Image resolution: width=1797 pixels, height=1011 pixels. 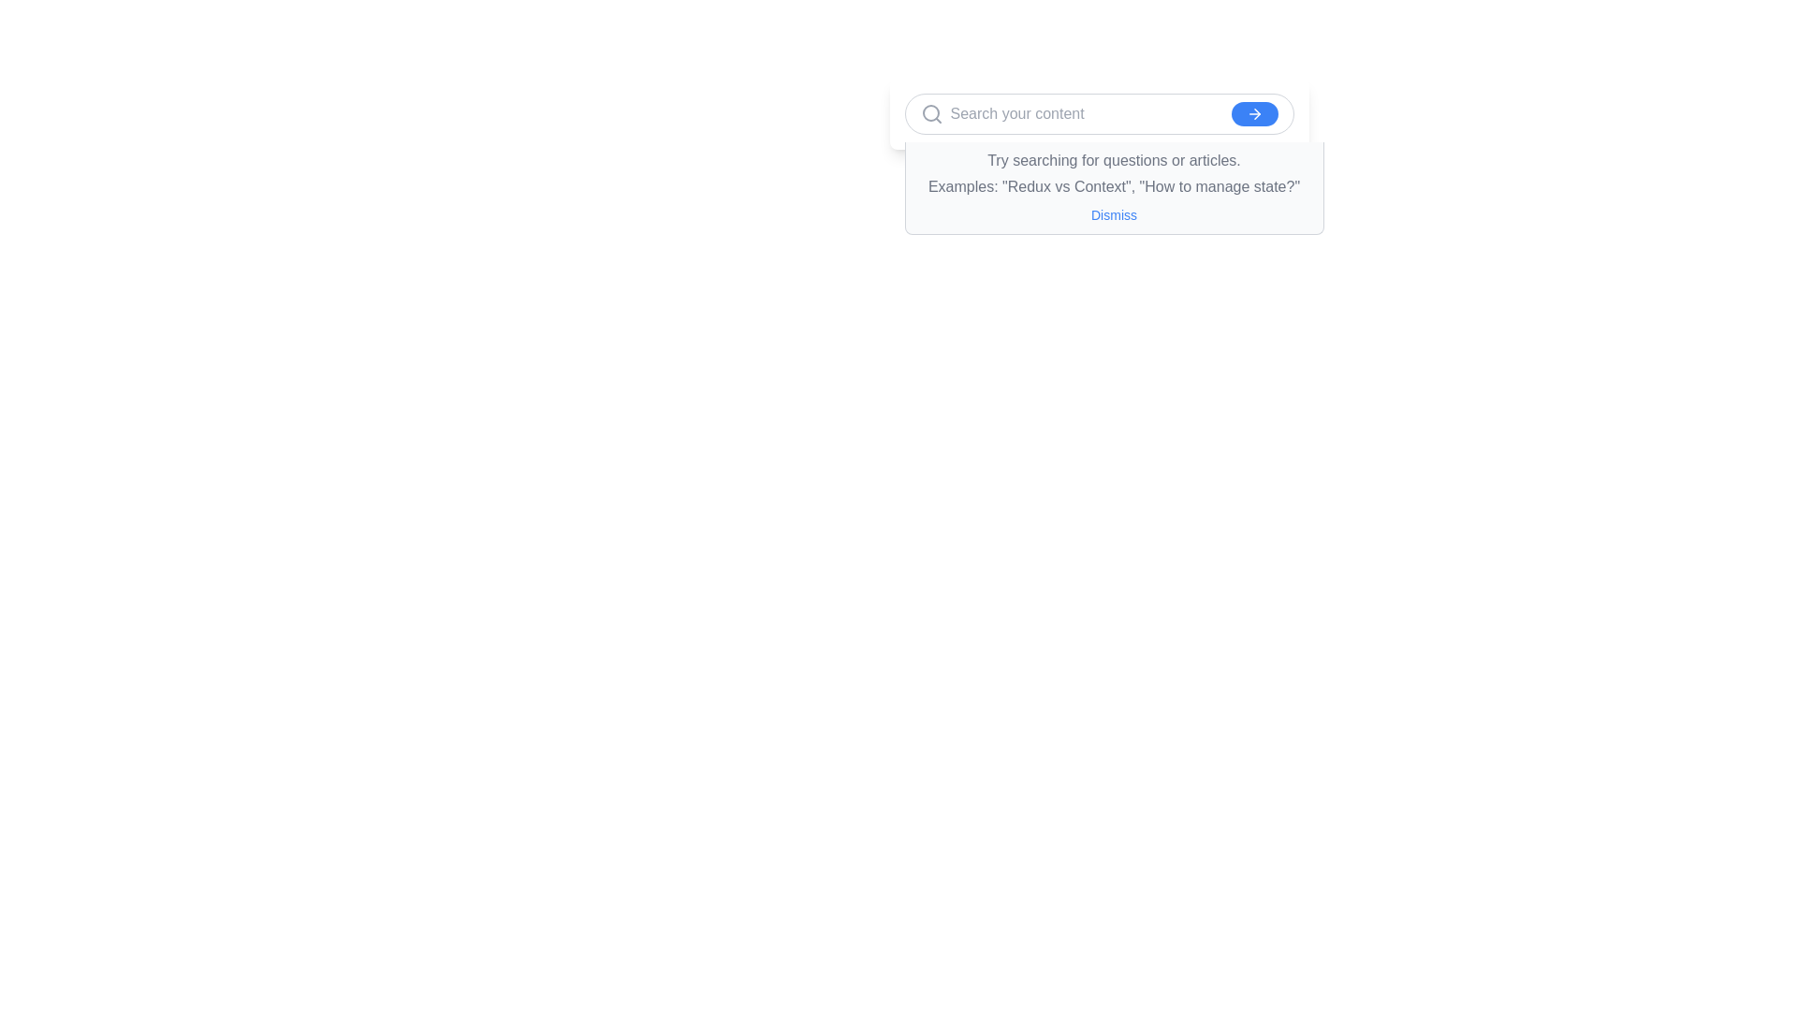 What do you see at coordinates (1114, 187) in the screenshot?
I see `static text element located below the caption 'Try searching for questions or articles.' and above the dismiss button in the centrally aligned pop-up panel` at bounding box center [1114, 187].